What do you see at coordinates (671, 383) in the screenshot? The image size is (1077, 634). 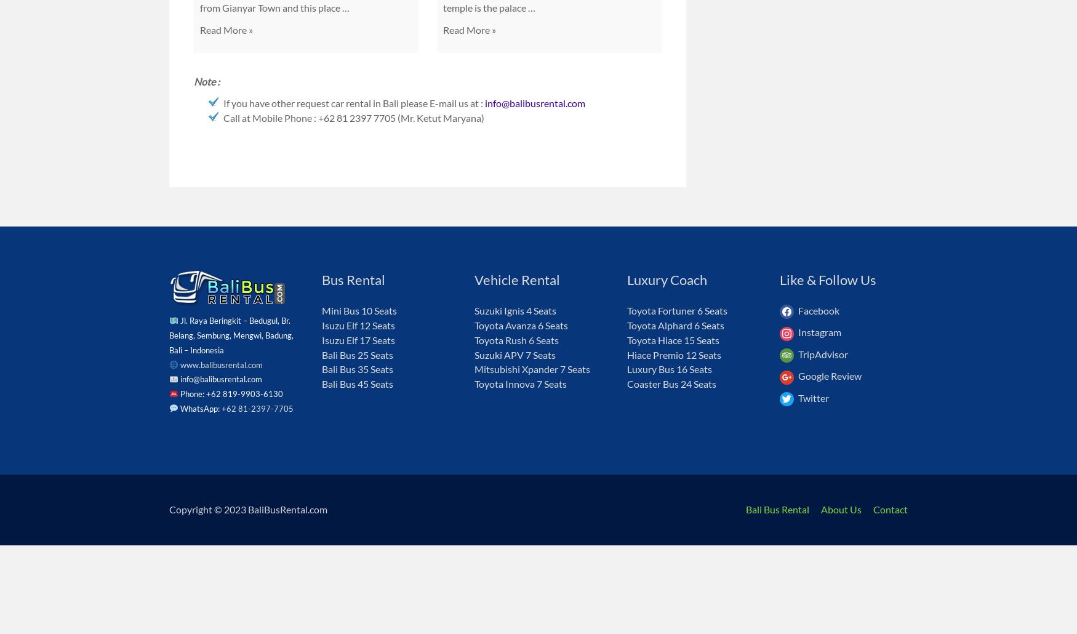 I see `'Coaster Bus 24 Seats'` at bounding box center [671, 383].